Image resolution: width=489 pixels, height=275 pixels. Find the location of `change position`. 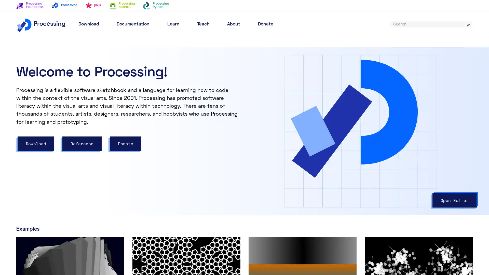

change position is located at coordinates (292, 140).